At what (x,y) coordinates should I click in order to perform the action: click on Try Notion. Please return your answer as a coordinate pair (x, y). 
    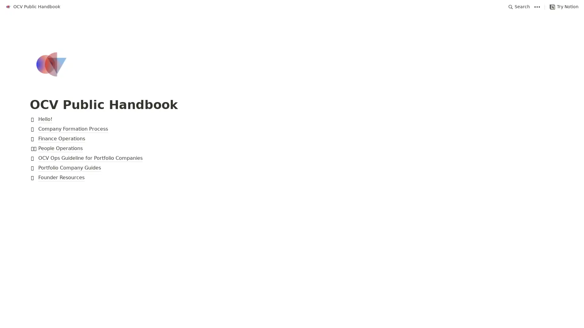
    Looking at the image, I should click on (564, 7).